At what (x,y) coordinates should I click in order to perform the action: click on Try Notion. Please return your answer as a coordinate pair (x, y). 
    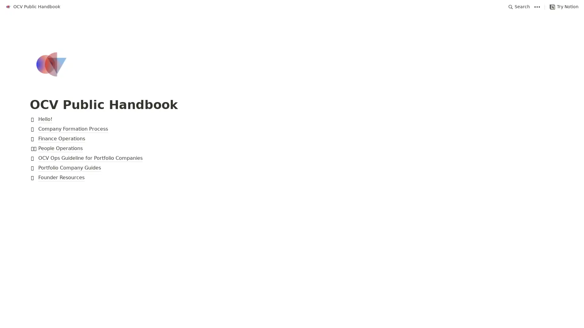
    Looking at the image, I should click on (564, 7).